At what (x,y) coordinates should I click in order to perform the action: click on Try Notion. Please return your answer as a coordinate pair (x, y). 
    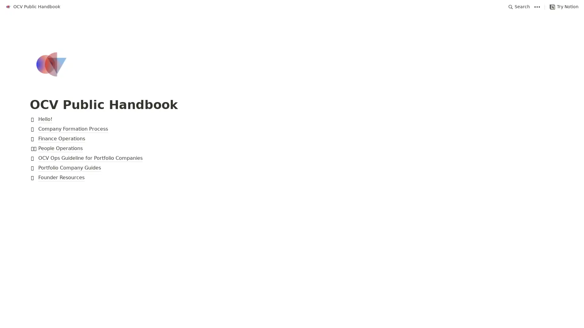
    Looking at the image, I should click on (564, 7).